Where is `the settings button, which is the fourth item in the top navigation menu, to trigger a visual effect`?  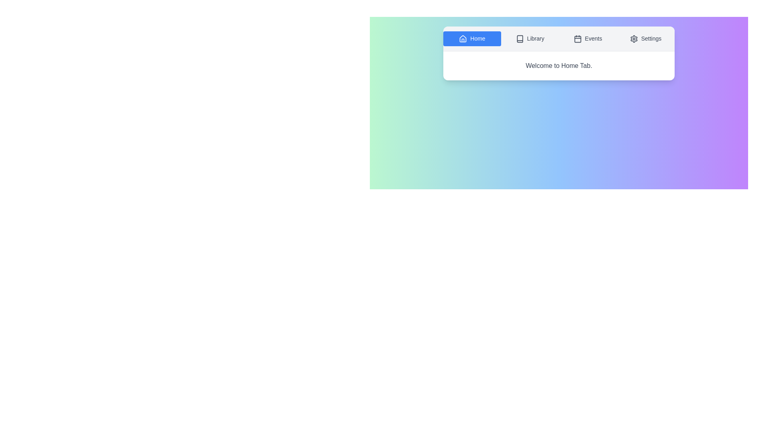 the settings button, which is the fourth item in the top navigation menu, to trigger a visual effect is located at coordinates (646, 39).